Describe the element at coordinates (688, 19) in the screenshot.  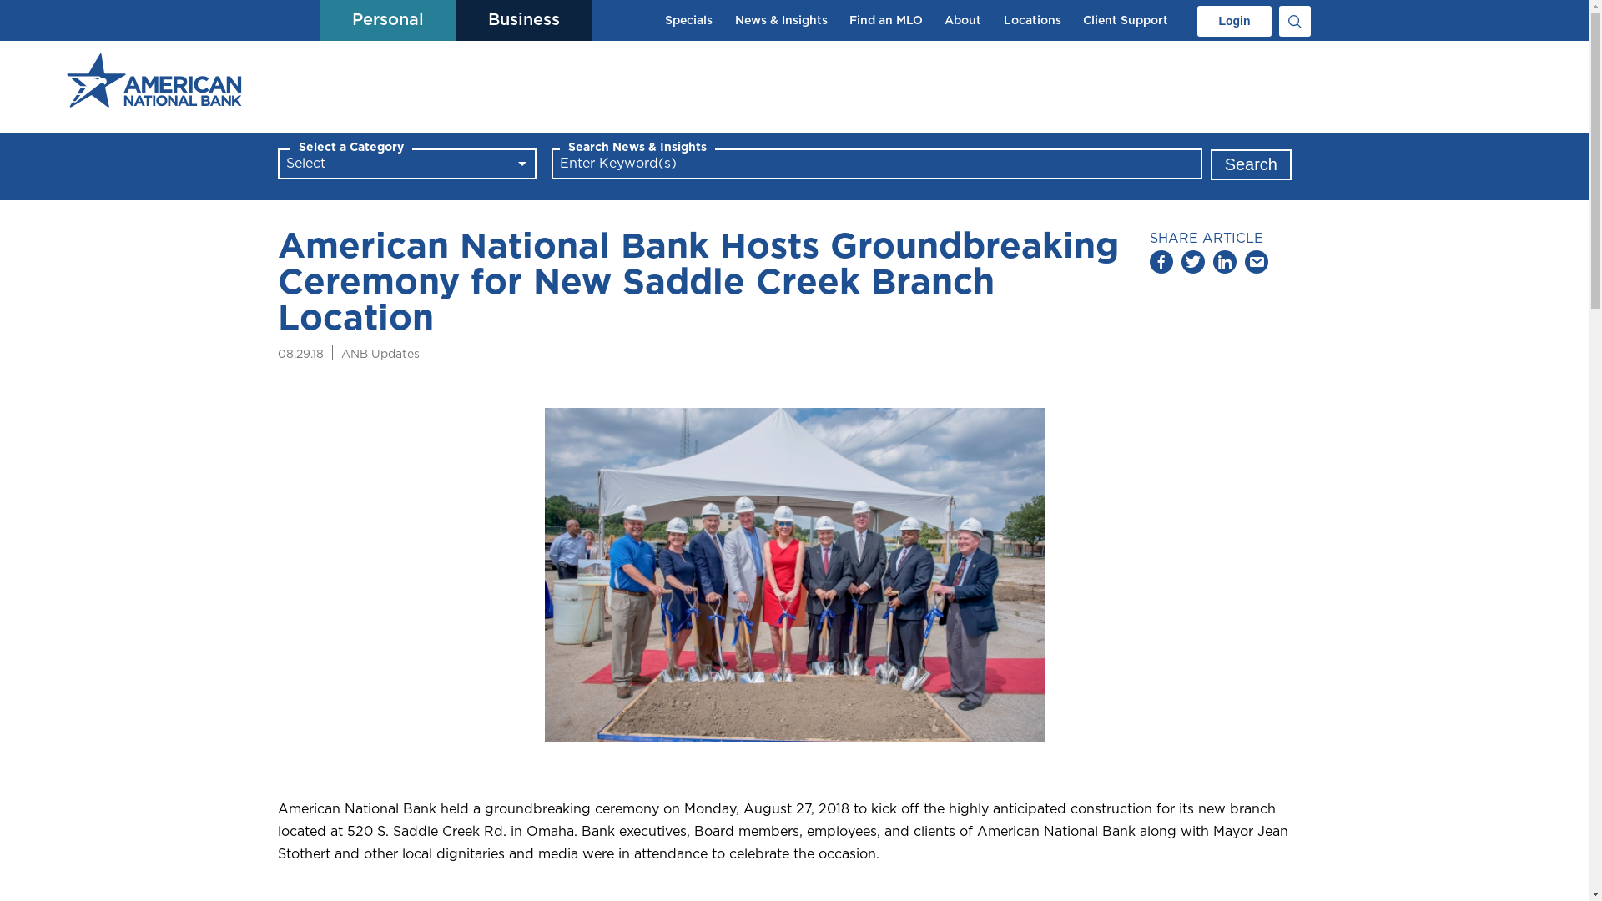
I see `'Specials'` at that location.